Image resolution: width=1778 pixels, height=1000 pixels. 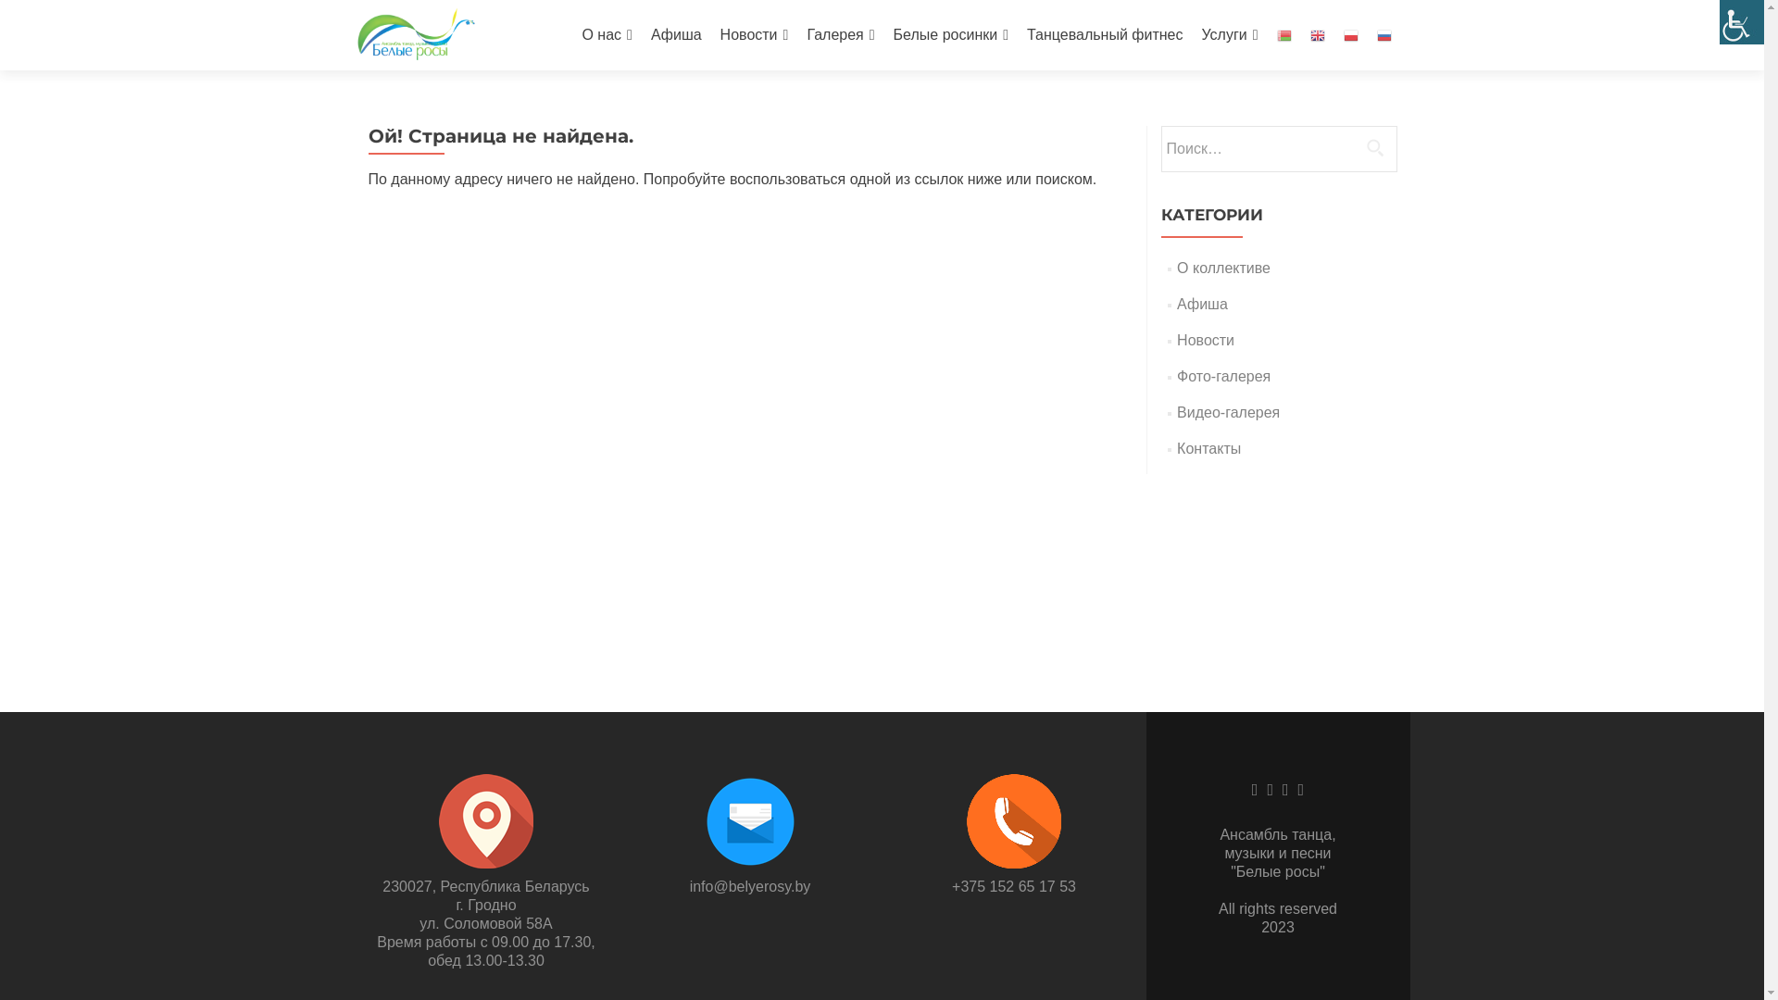 I want to click on 'Accessibility Helper sidebar', so click(x=1741, y=21).